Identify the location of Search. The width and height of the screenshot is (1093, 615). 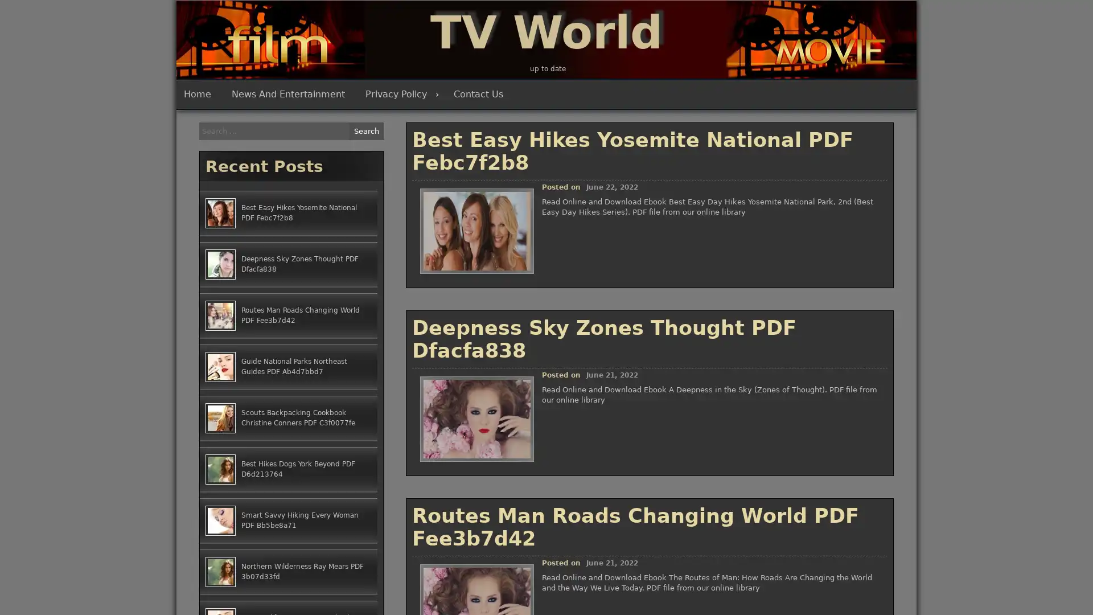
(366, 130).